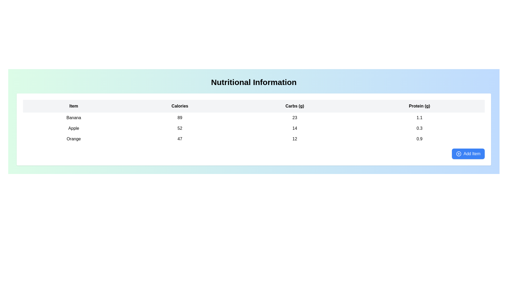  What do you see at coordinates (458, 154) in the screenshot?
I see `the 'Add Item' button, which is visually complemented by the icon on its left side` at bounding box center [458, 154].